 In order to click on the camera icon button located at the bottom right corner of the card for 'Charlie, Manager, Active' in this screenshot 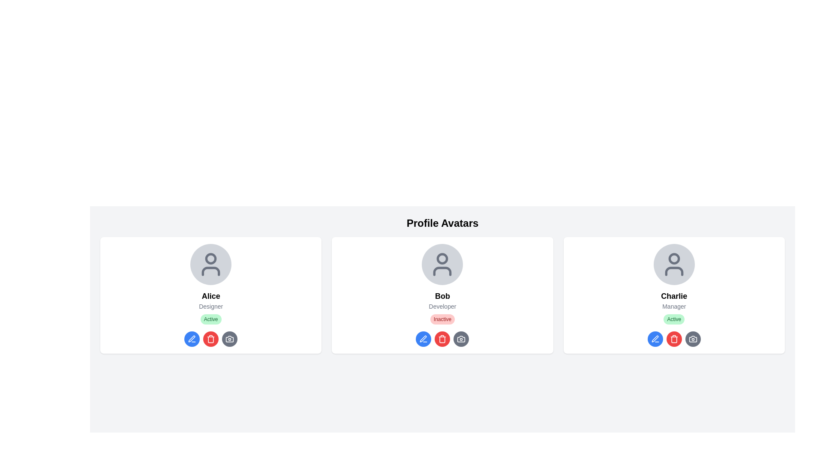, I will do `click(693, 338)`.